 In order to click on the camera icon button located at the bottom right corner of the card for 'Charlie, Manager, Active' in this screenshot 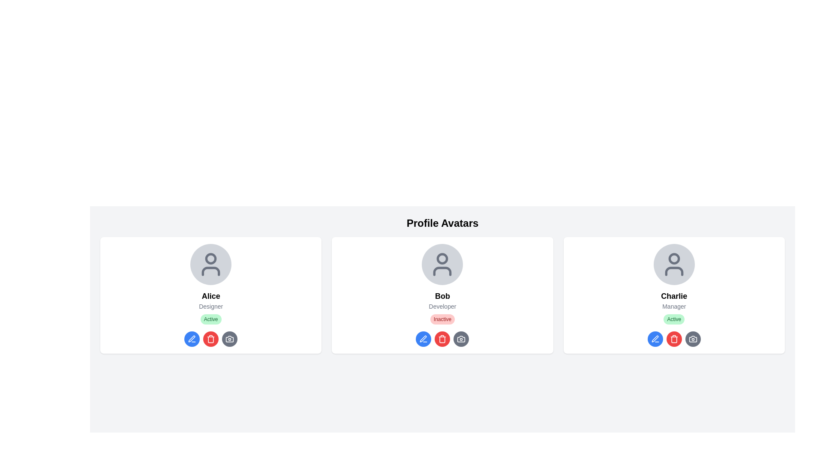, I will do `click(693, 338)`.